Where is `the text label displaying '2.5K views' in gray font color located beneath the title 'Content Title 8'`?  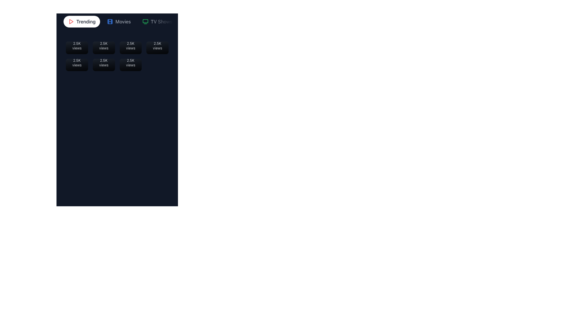
the text label displaying '2.5K views' in gray font color located beneath the title 'Content Title 8' is located at coordinates (130, 63).